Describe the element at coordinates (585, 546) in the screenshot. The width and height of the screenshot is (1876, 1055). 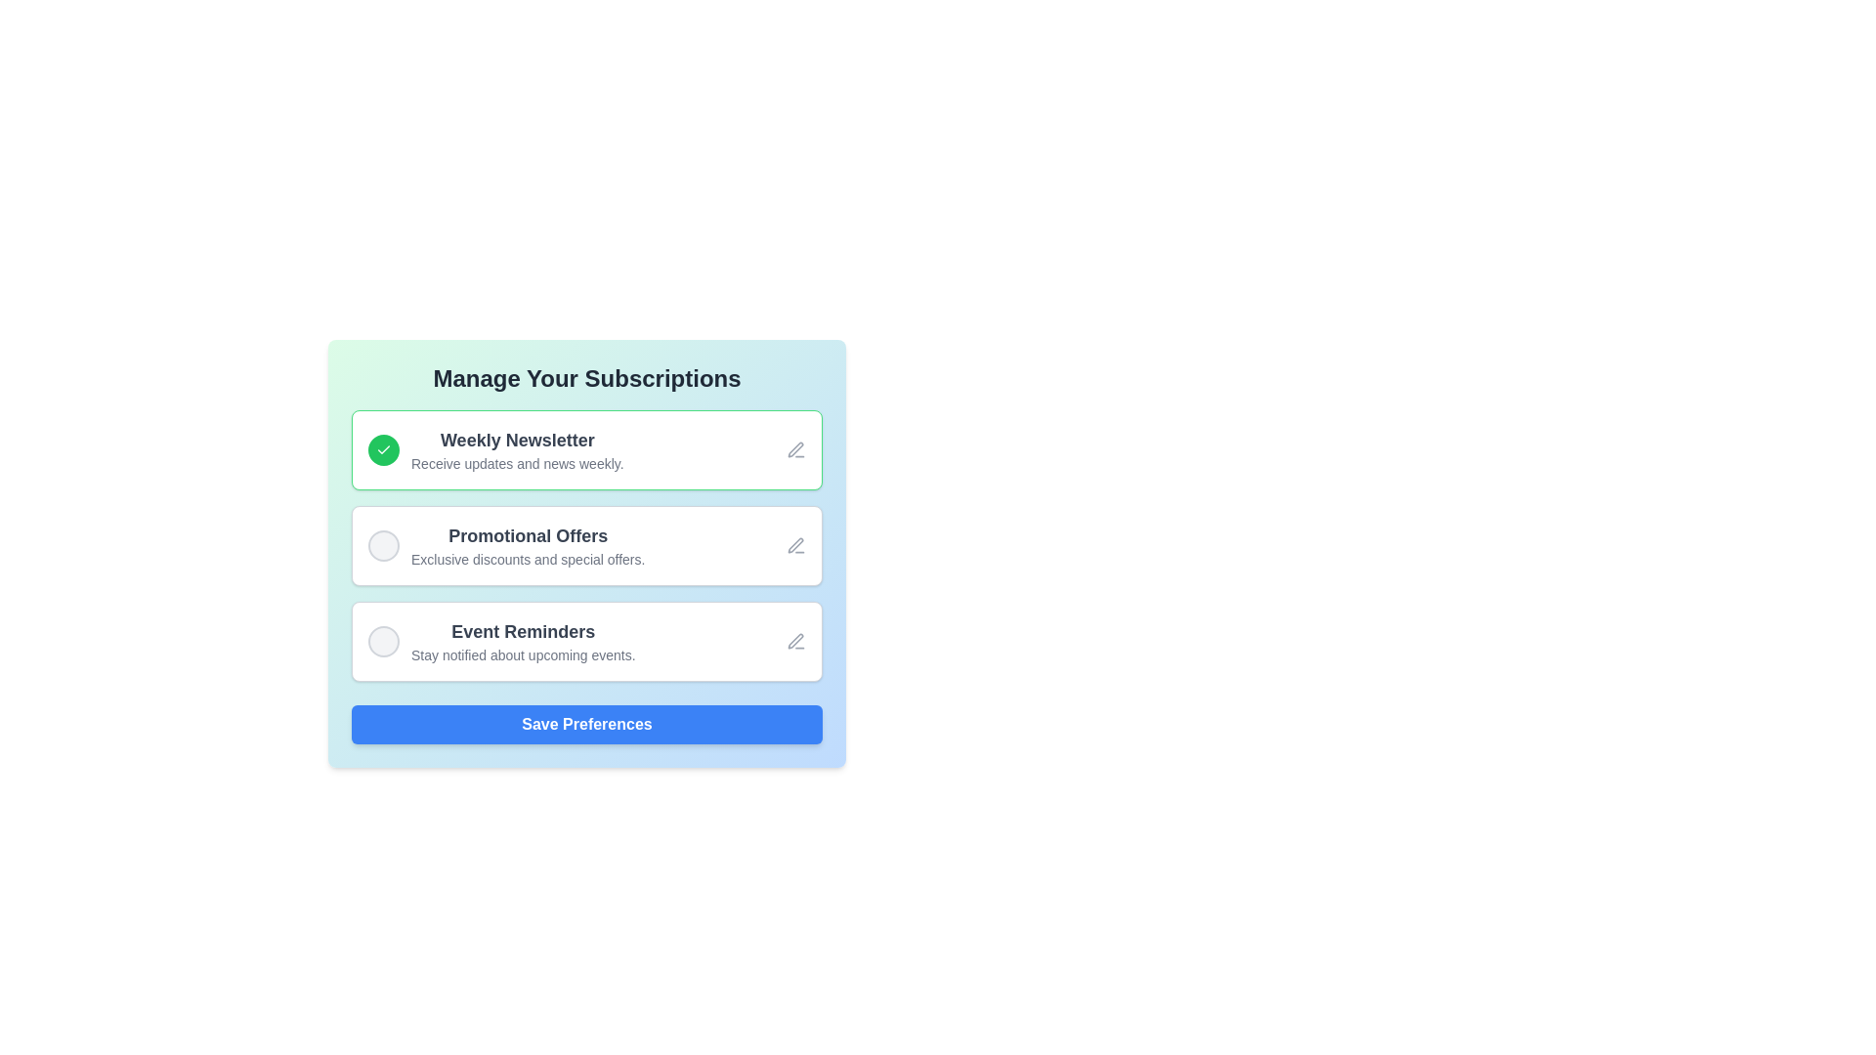
I see `the rounded checkbox indicator next to the 'Promotional Offers' subscription option` at that location.